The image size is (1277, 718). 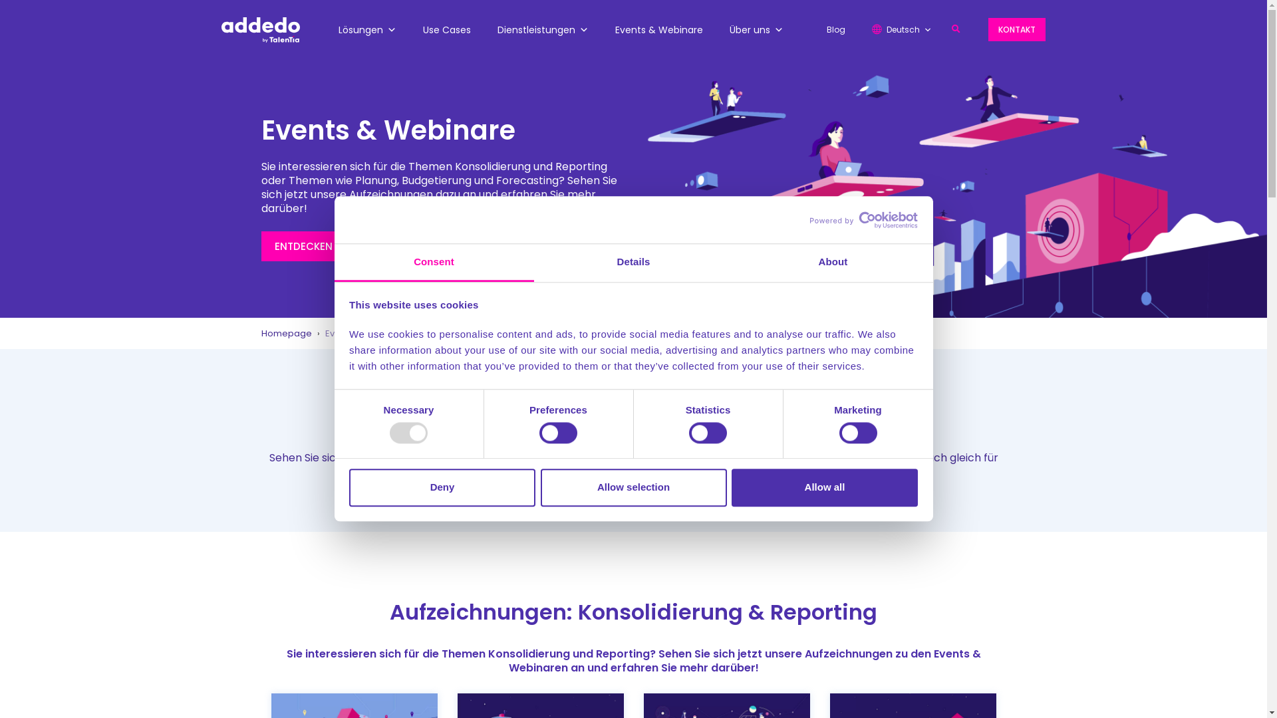 What do you see at coordinates (259, 30) in the screenshot?
I see `'Logo_Addedo-by-Talentia'` at bounding box center [259, 30].